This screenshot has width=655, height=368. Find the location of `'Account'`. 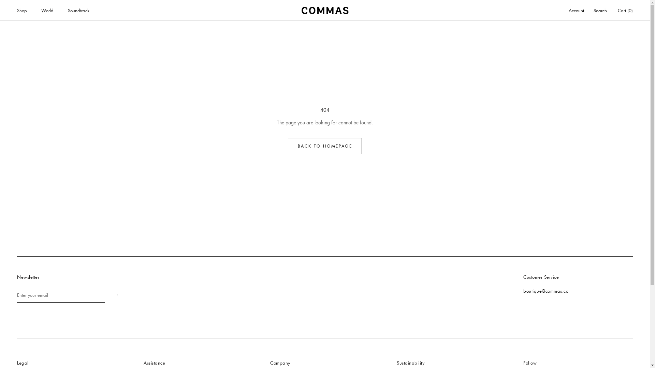

'Account' is located at coordinates (576, 11).